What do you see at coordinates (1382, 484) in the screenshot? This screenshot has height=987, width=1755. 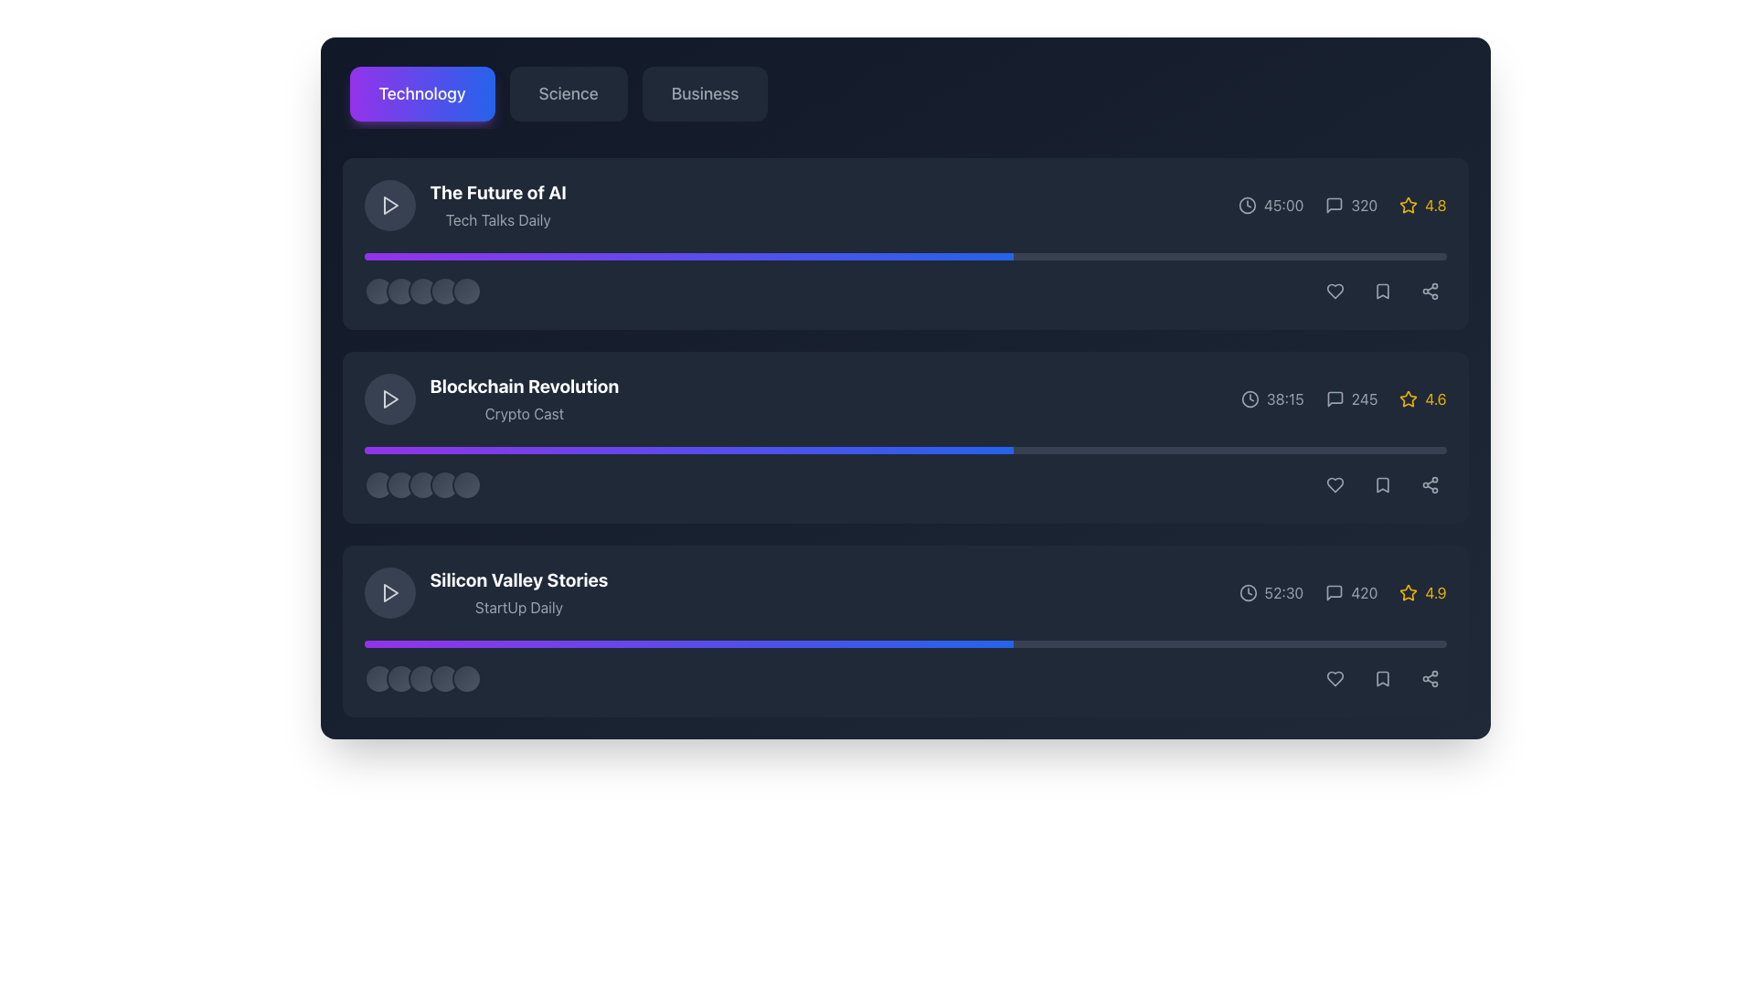 I see `the bookmark button located in the middle group of action icons on the right side of the 'Blockchain Revolution' podcast card, which is positioned between the heart-shaped icon and the share icon` at bounding box center [1382, 484].